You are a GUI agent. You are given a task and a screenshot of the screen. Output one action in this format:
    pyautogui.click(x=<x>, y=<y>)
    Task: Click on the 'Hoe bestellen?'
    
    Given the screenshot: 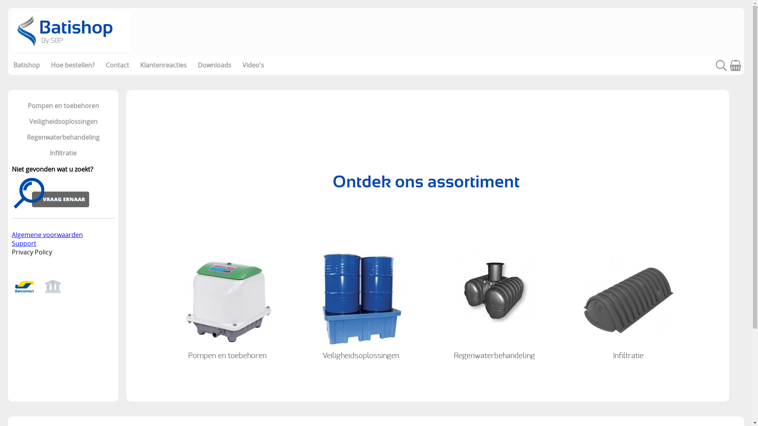 What is the action you would take?
    pyautogui.click(x=45, y=65)
    